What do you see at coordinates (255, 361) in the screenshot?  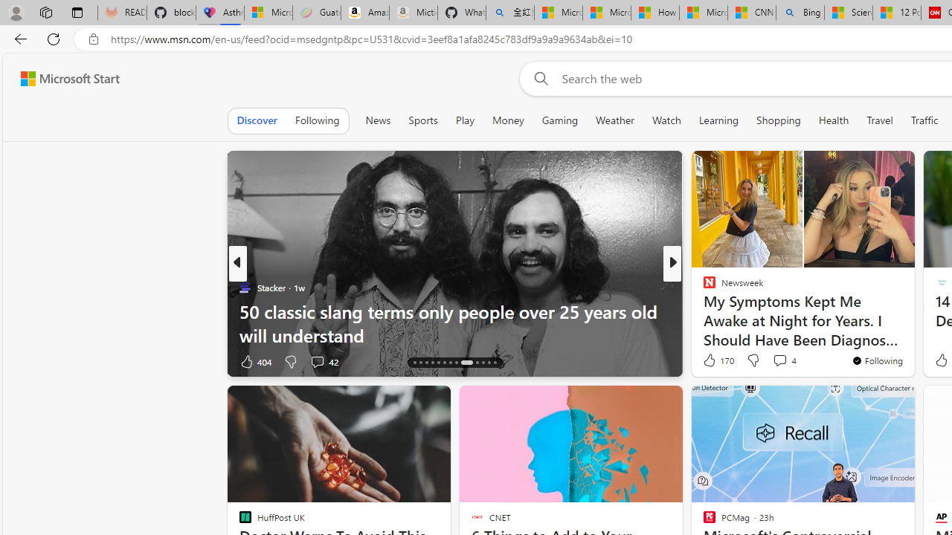 I see `'404 Like'` at bounding box center [255, 361].